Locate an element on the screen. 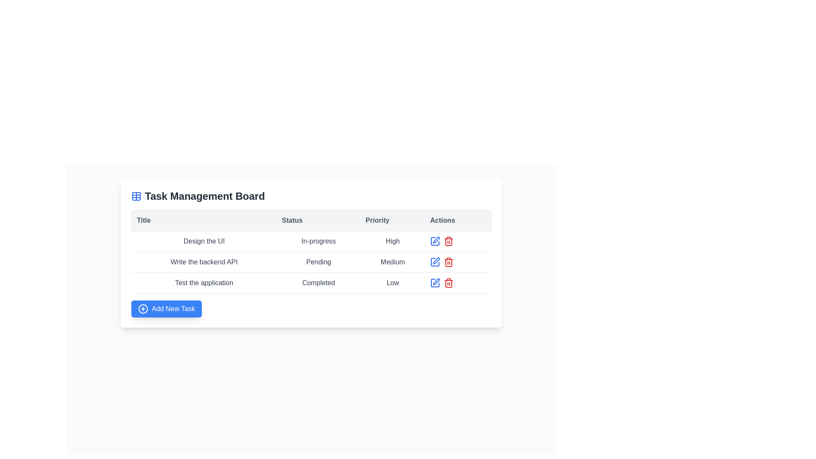  the edit icon button located in the 'Actions' column of the table for the task labeled 'Write the backend API' to initiate the edit action is located at coordinates (436, 260).